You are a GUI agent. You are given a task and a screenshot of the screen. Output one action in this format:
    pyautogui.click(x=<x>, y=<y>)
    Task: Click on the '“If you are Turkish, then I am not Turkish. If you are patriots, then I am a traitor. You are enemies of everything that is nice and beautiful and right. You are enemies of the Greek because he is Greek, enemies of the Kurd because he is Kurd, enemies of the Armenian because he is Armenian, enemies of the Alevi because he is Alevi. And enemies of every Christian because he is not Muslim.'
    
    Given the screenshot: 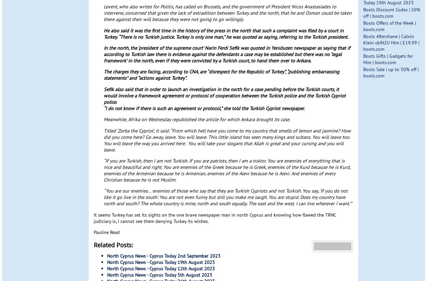 What is the action you would take?
    pyautogui.click(x=227, y=170)
    